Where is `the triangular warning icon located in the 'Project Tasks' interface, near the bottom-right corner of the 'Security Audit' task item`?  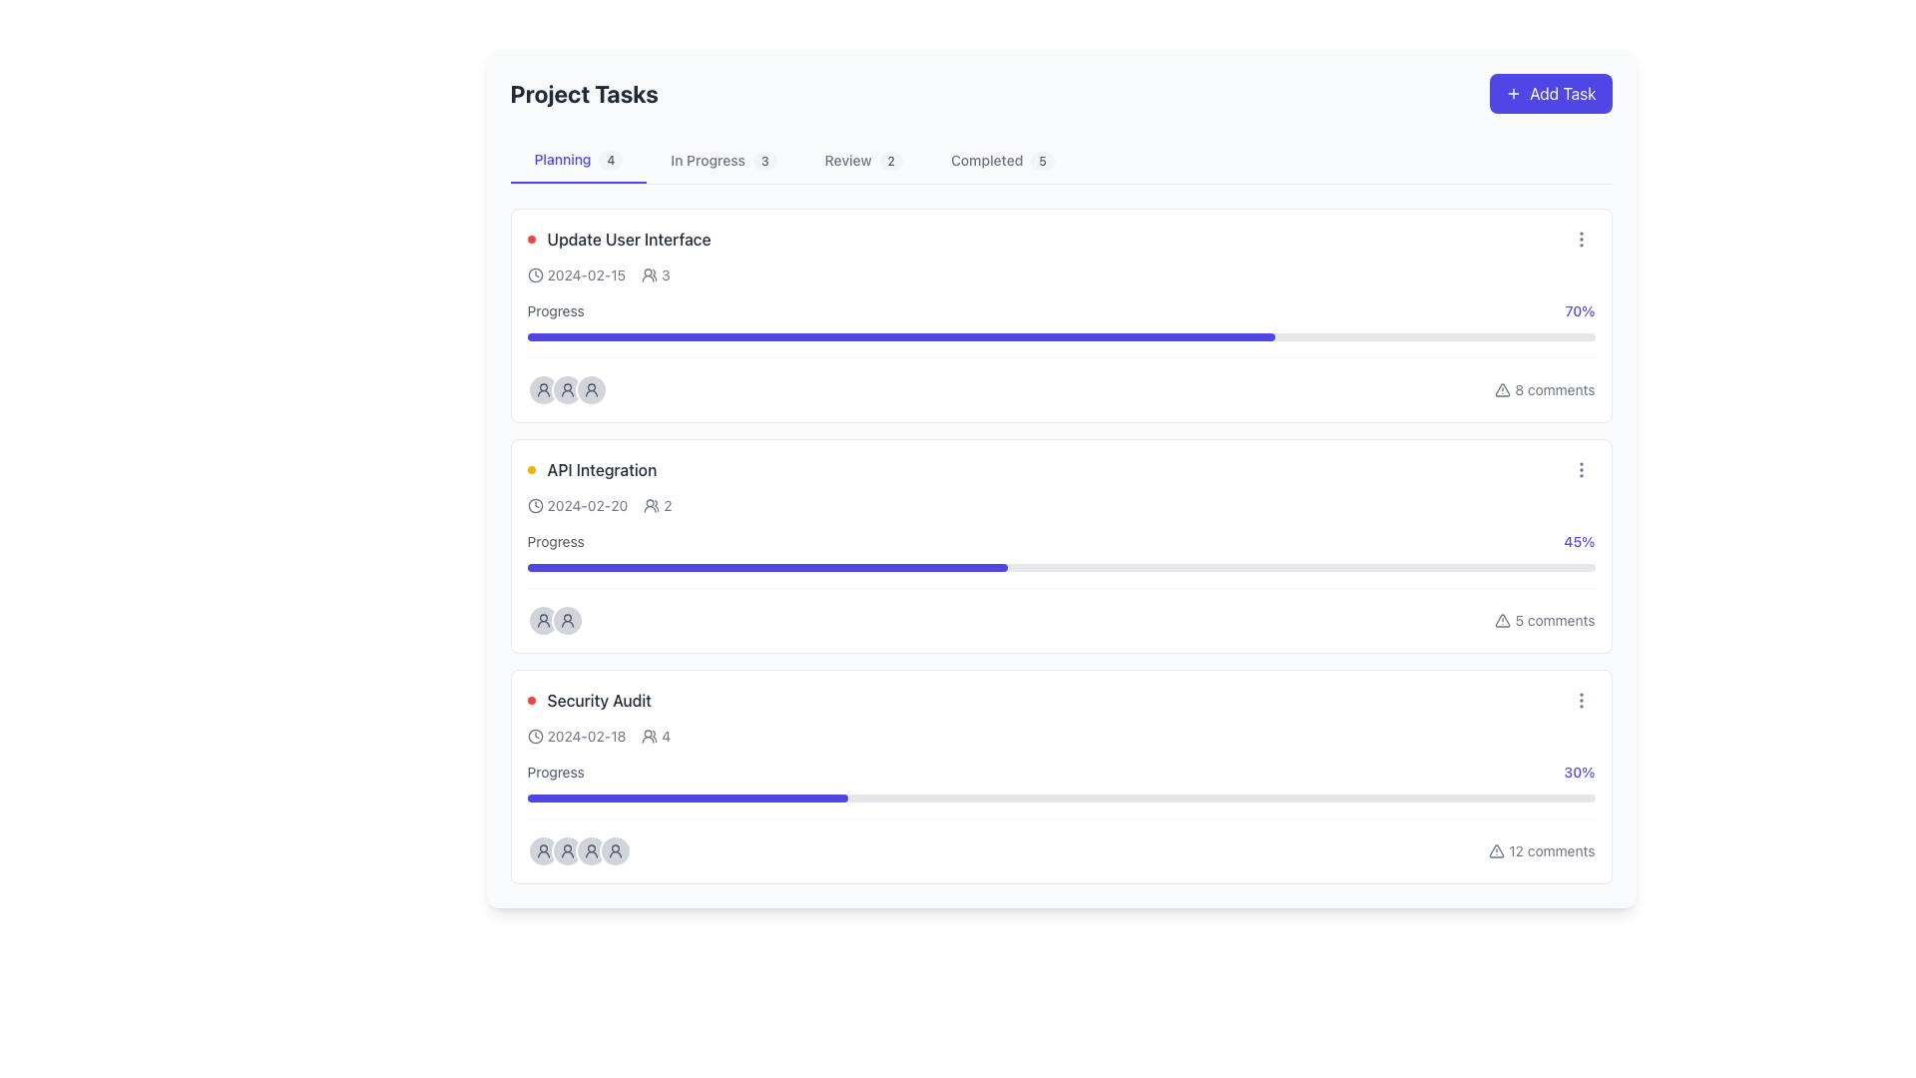
the triangular warning icon located in the 'Project Tasks' interface, near the bottom-right corner of the 'Security Audit' task item is located at coordinates (1497, 850).